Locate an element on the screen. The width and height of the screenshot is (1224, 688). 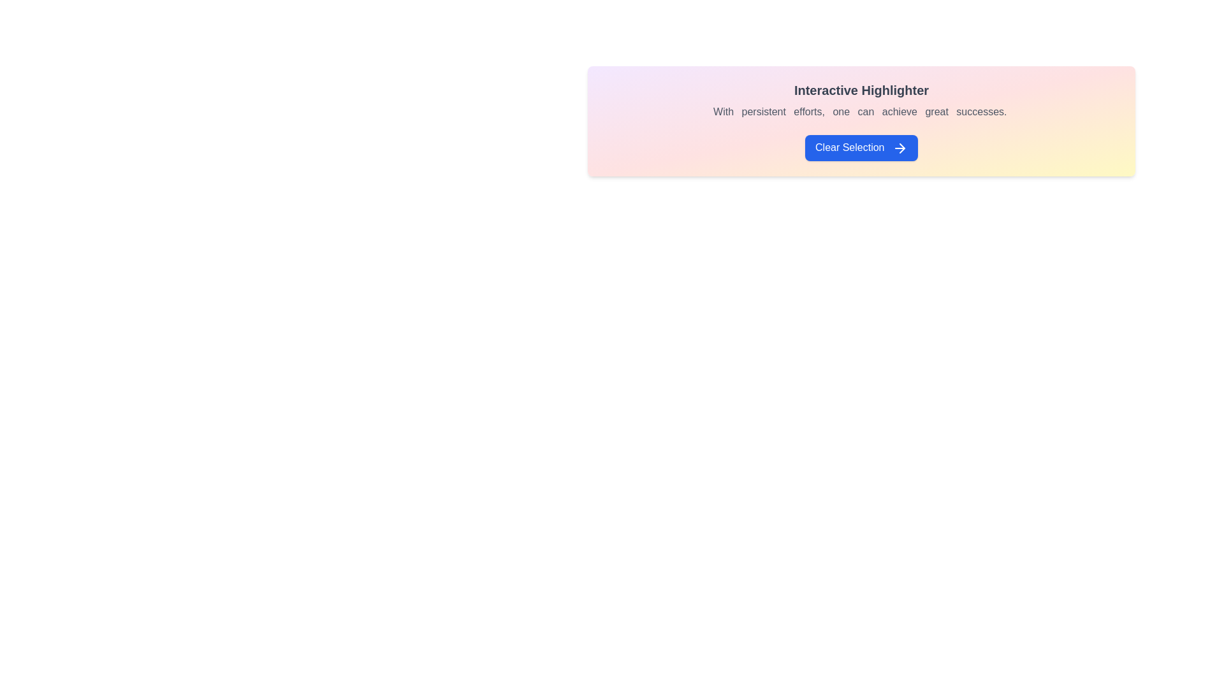
the word 'persistent' in the sentence 'With persistent efforts, one can achieve great successes.' is located at coordinates (765, 110).